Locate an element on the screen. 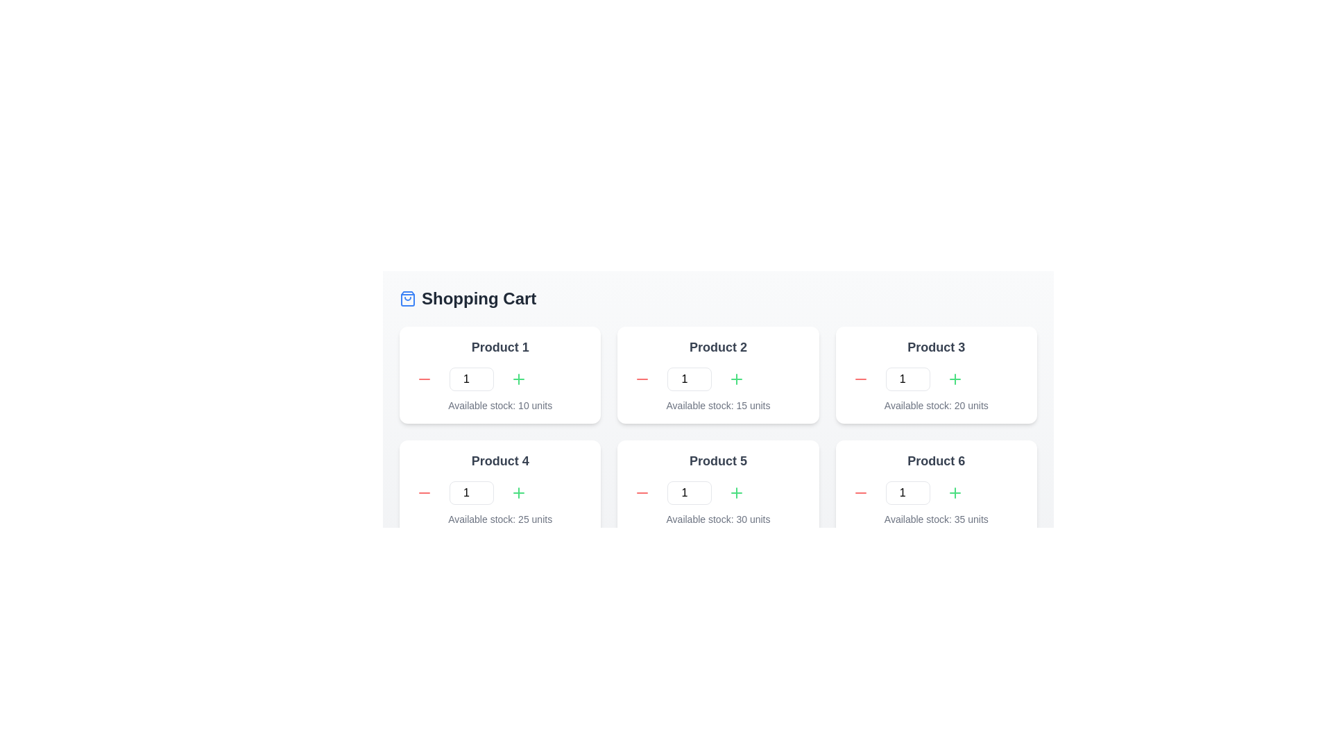 The width and height of the screenshot is (1332, 749). the static text label that informs users about the available stock quantity for 'Product 6' is located at coordinates (936, 519).